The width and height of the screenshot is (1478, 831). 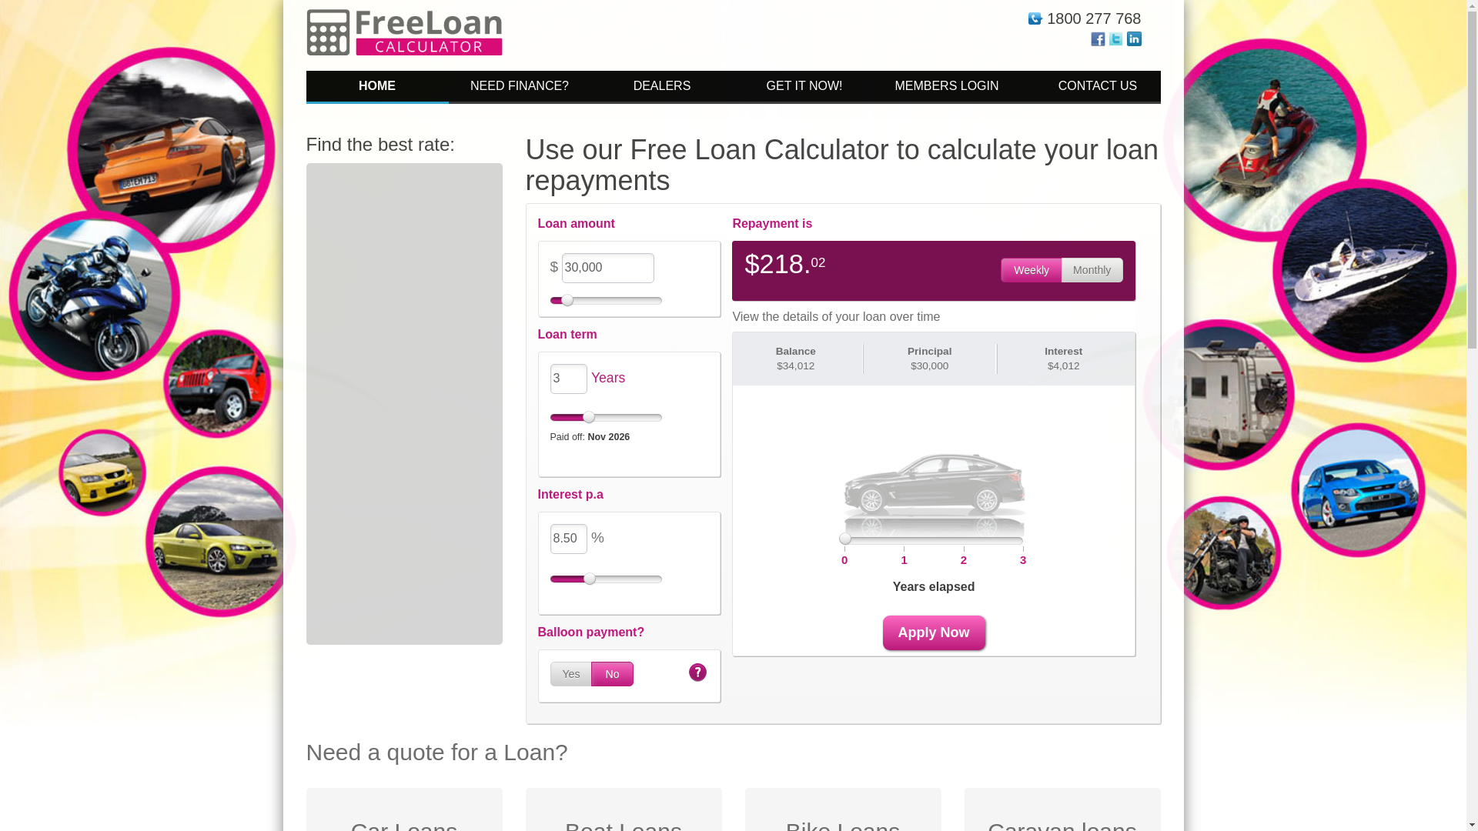 I want to click on 'CONTACT US', so click(x=1017, y=87).